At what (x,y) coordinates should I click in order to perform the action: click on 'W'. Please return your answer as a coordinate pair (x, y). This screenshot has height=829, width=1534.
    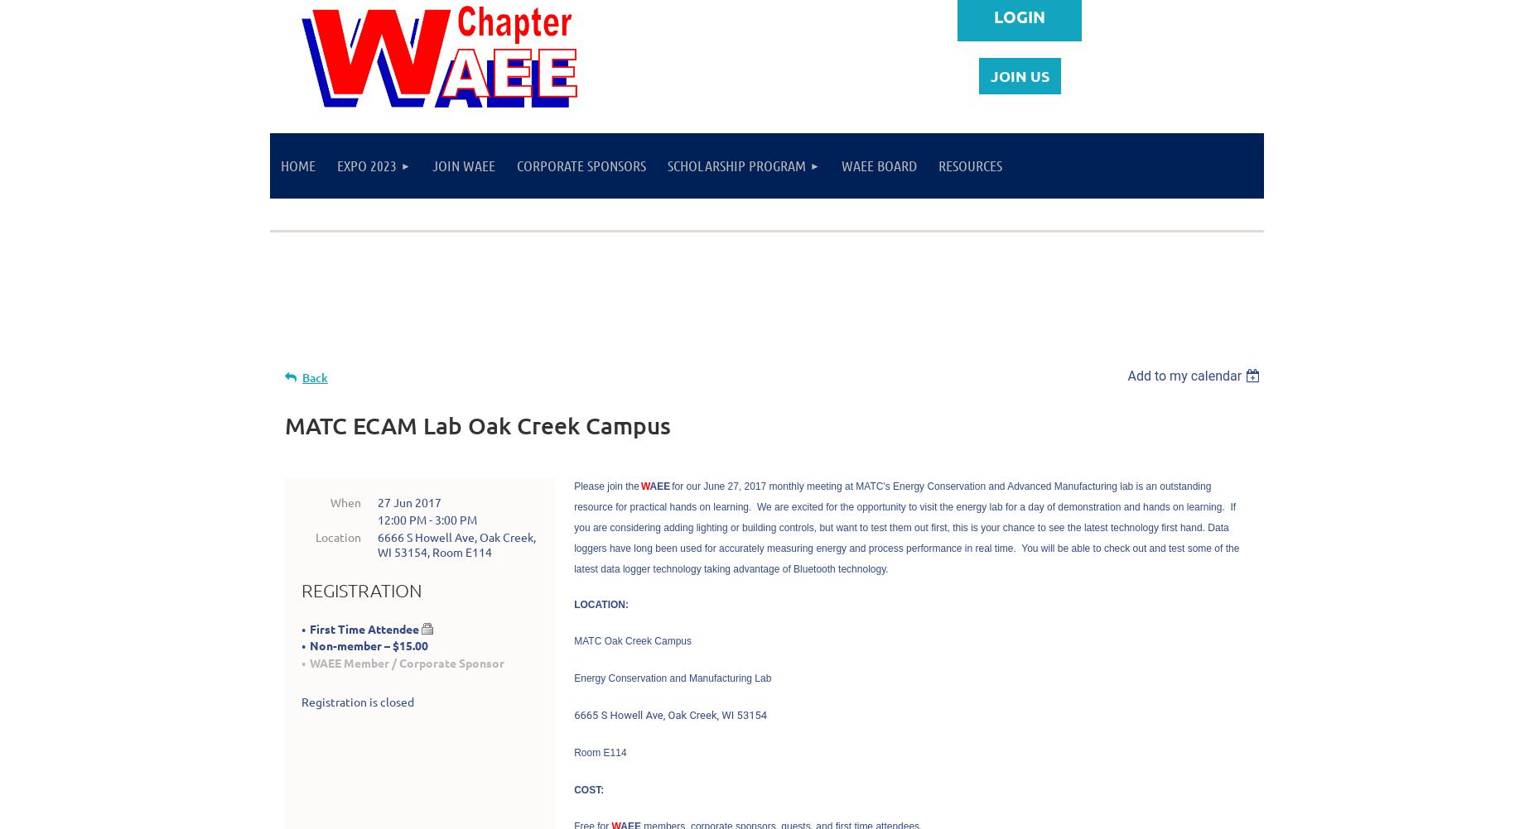
    Looking at the image, I should click on (644, 484).